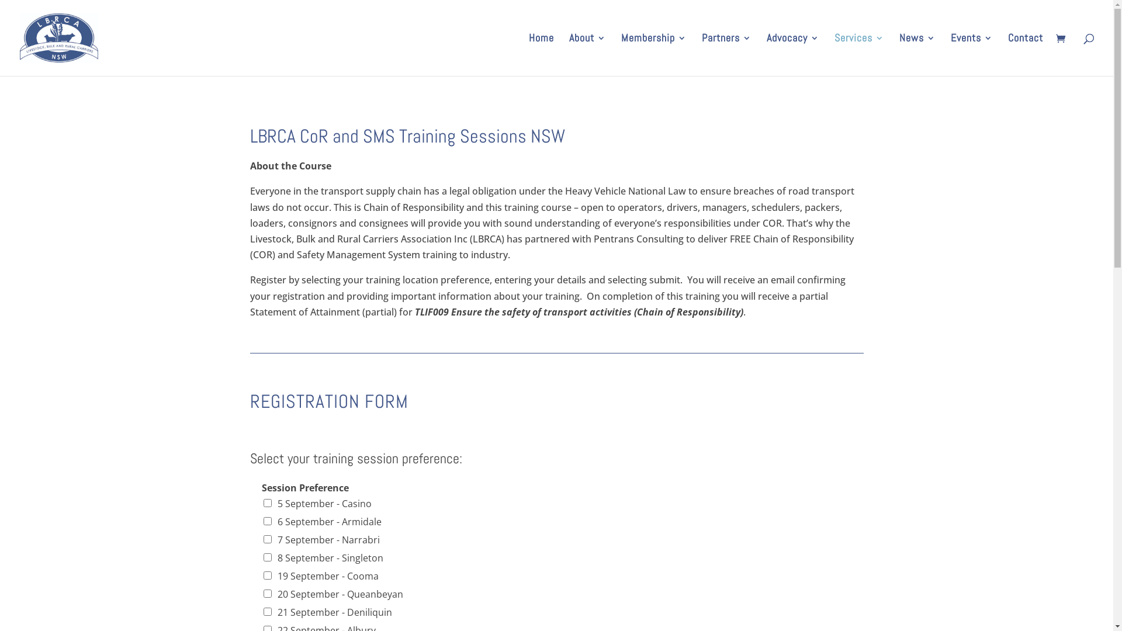 This screenshot has height=631, width=1122. Describe the element at coordinates (834, 54) in the screenshot. I see `'Services'` at that location.